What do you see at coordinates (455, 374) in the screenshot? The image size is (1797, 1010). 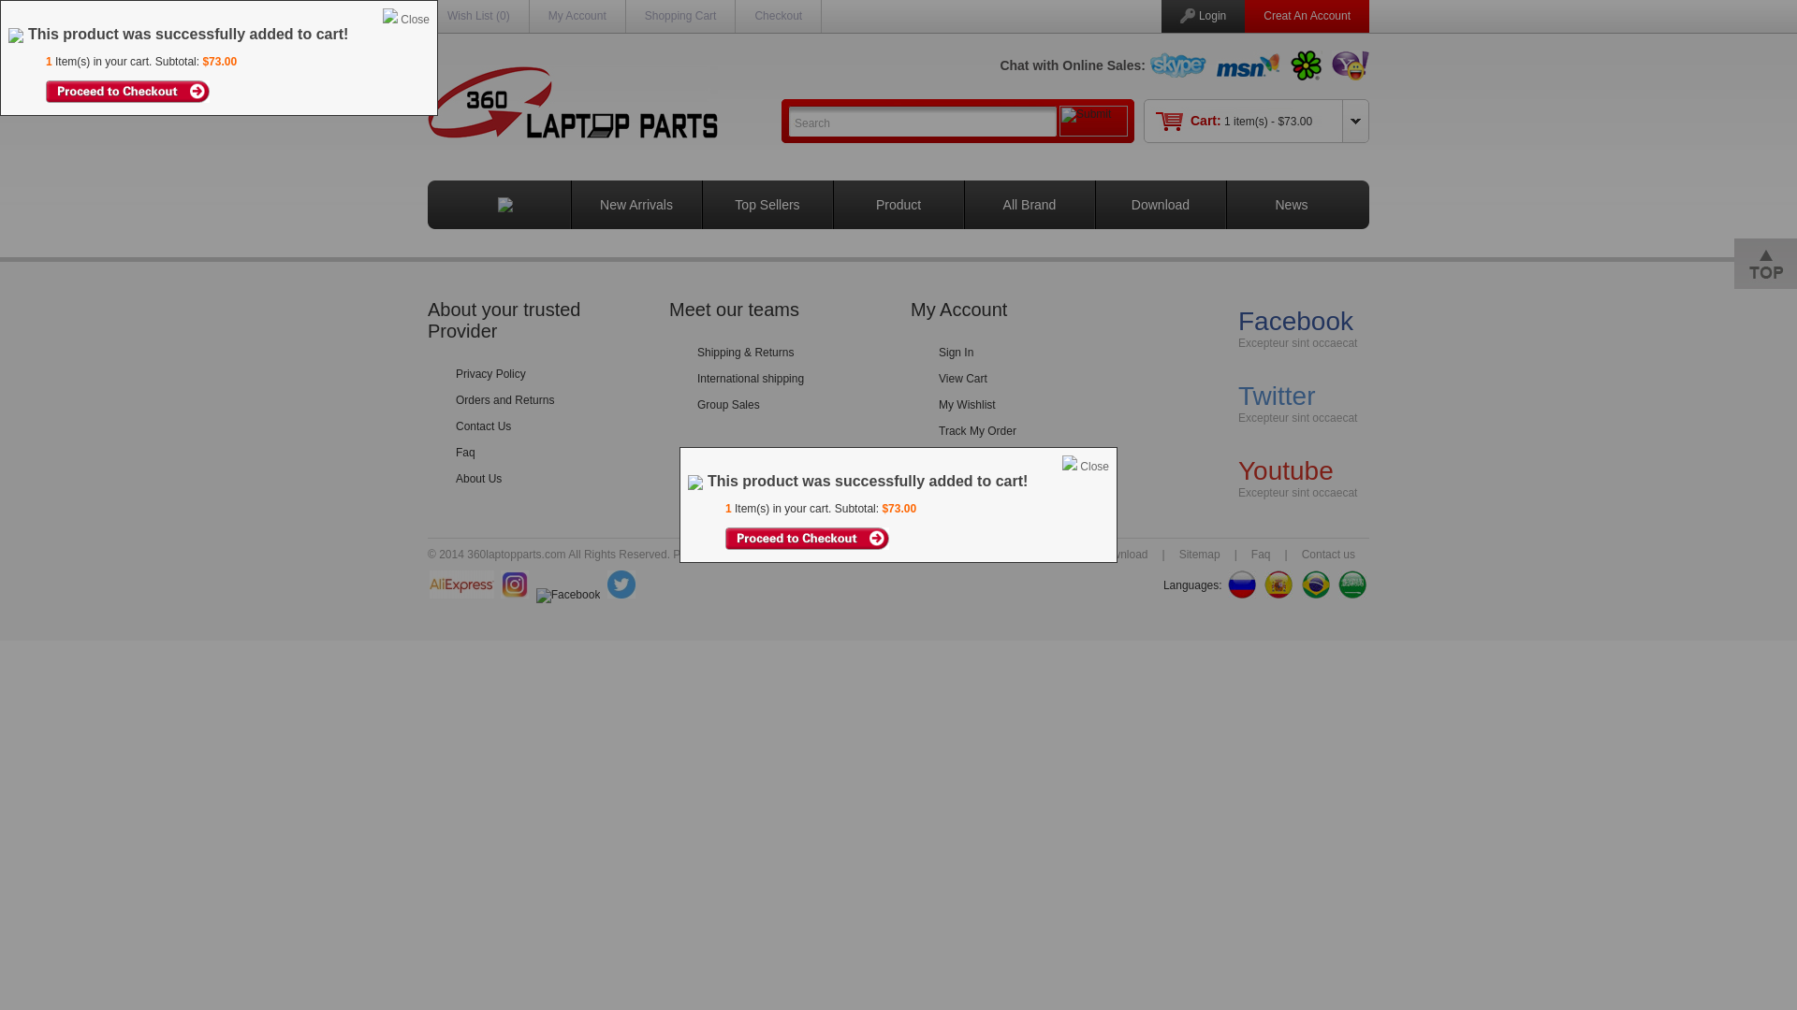 I see `'Privacy Policy'` at bounding box center [455, 374].